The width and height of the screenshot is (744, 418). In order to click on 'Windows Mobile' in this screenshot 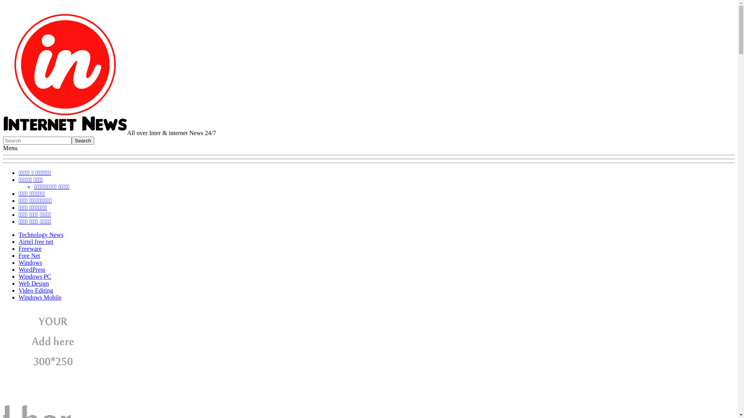, I will do `click(40, 297)`.